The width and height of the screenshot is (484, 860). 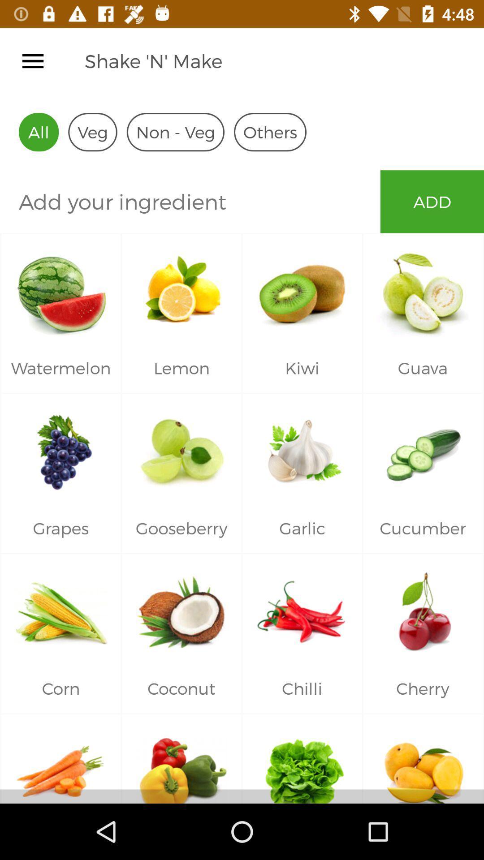 What do you see at coordinates (423, 449) in the screenshot?
I see `the image of cucumber` at bounding box center [423, 449].